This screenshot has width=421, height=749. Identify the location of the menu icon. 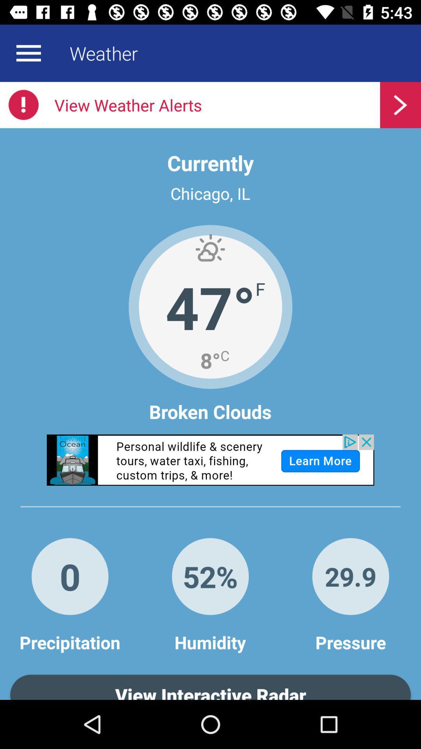
(28, 53).